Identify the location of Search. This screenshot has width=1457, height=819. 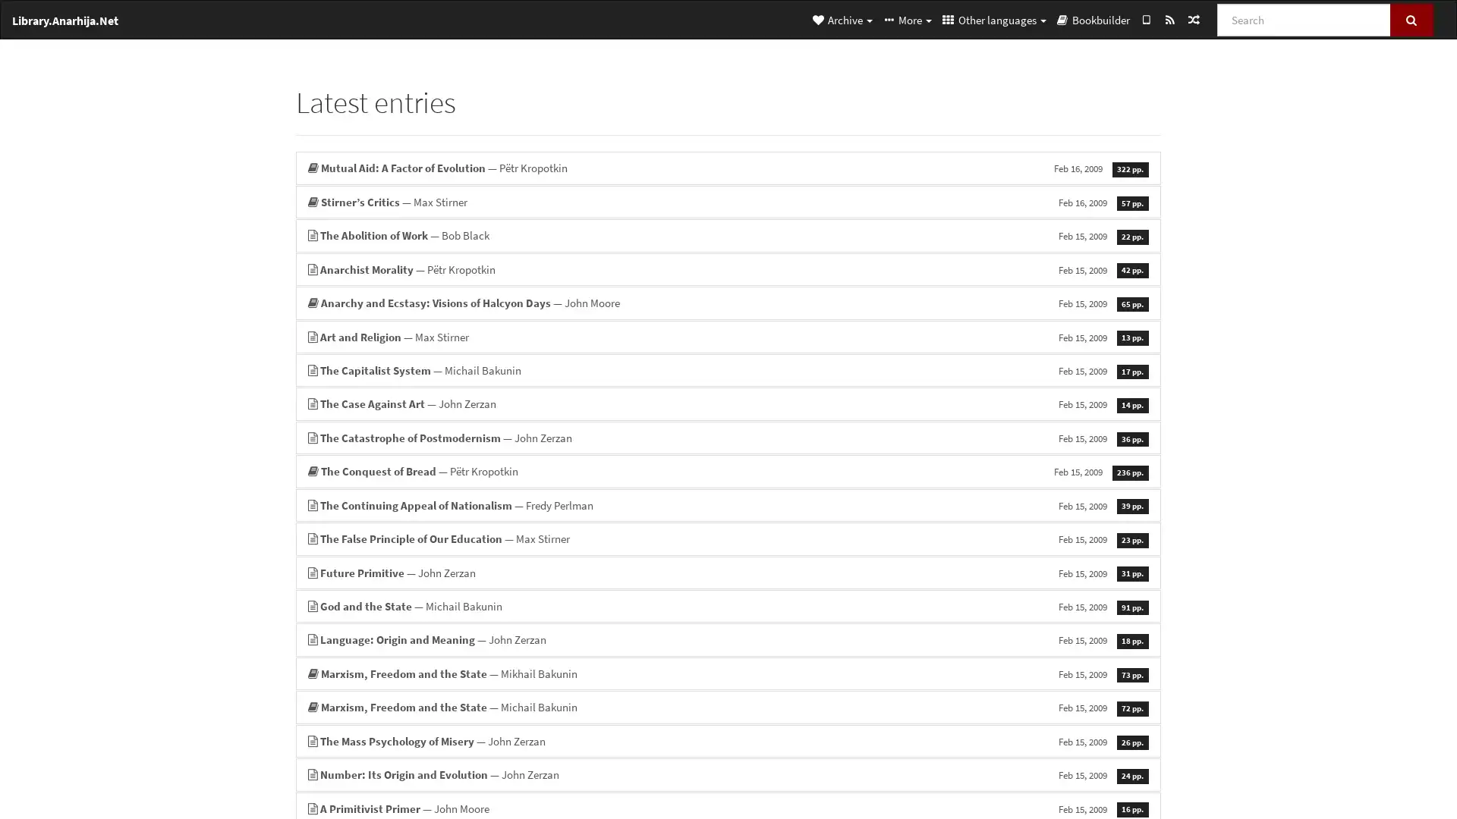
(1411, 19).